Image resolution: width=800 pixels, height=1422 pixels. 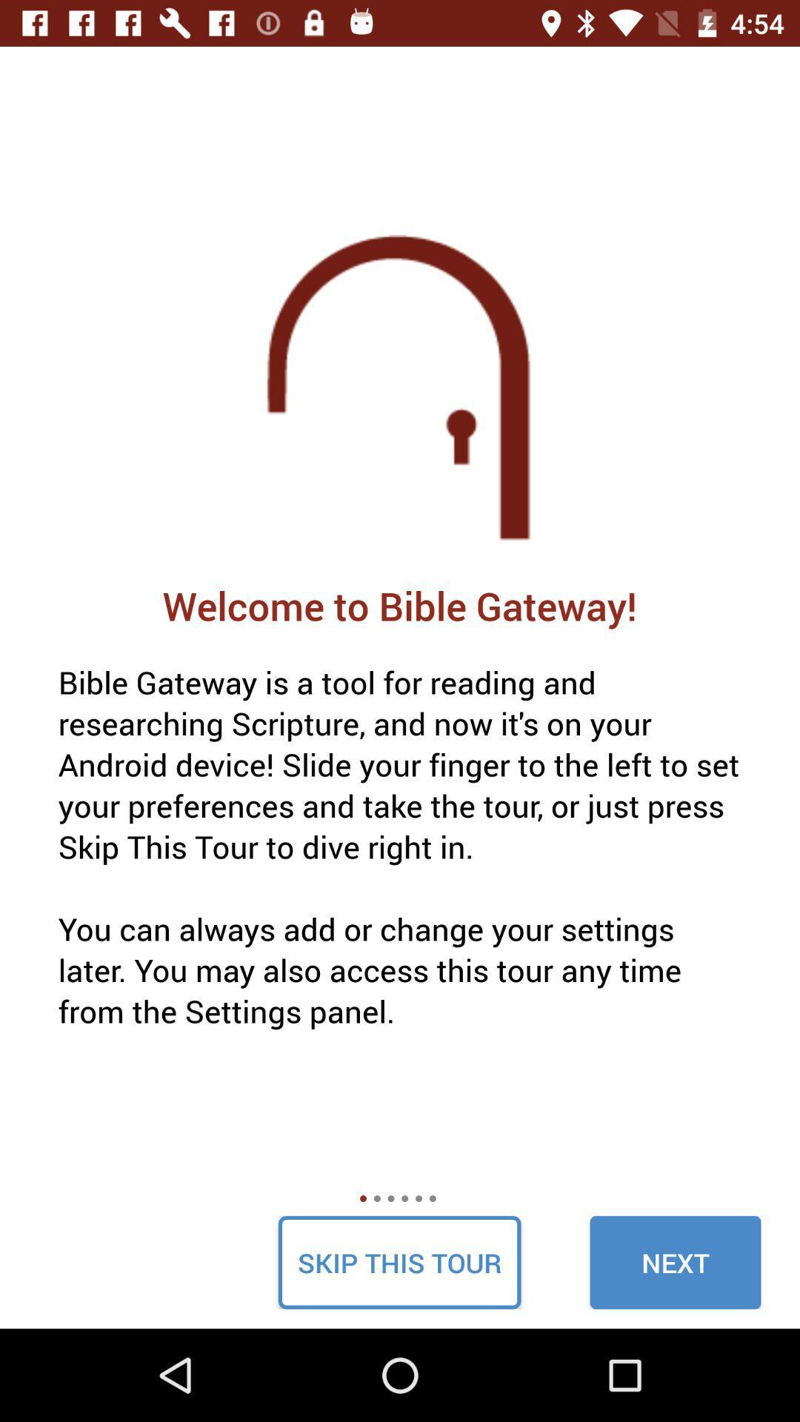 I want to click on skip this tour item, so click(x=399, y=1261).